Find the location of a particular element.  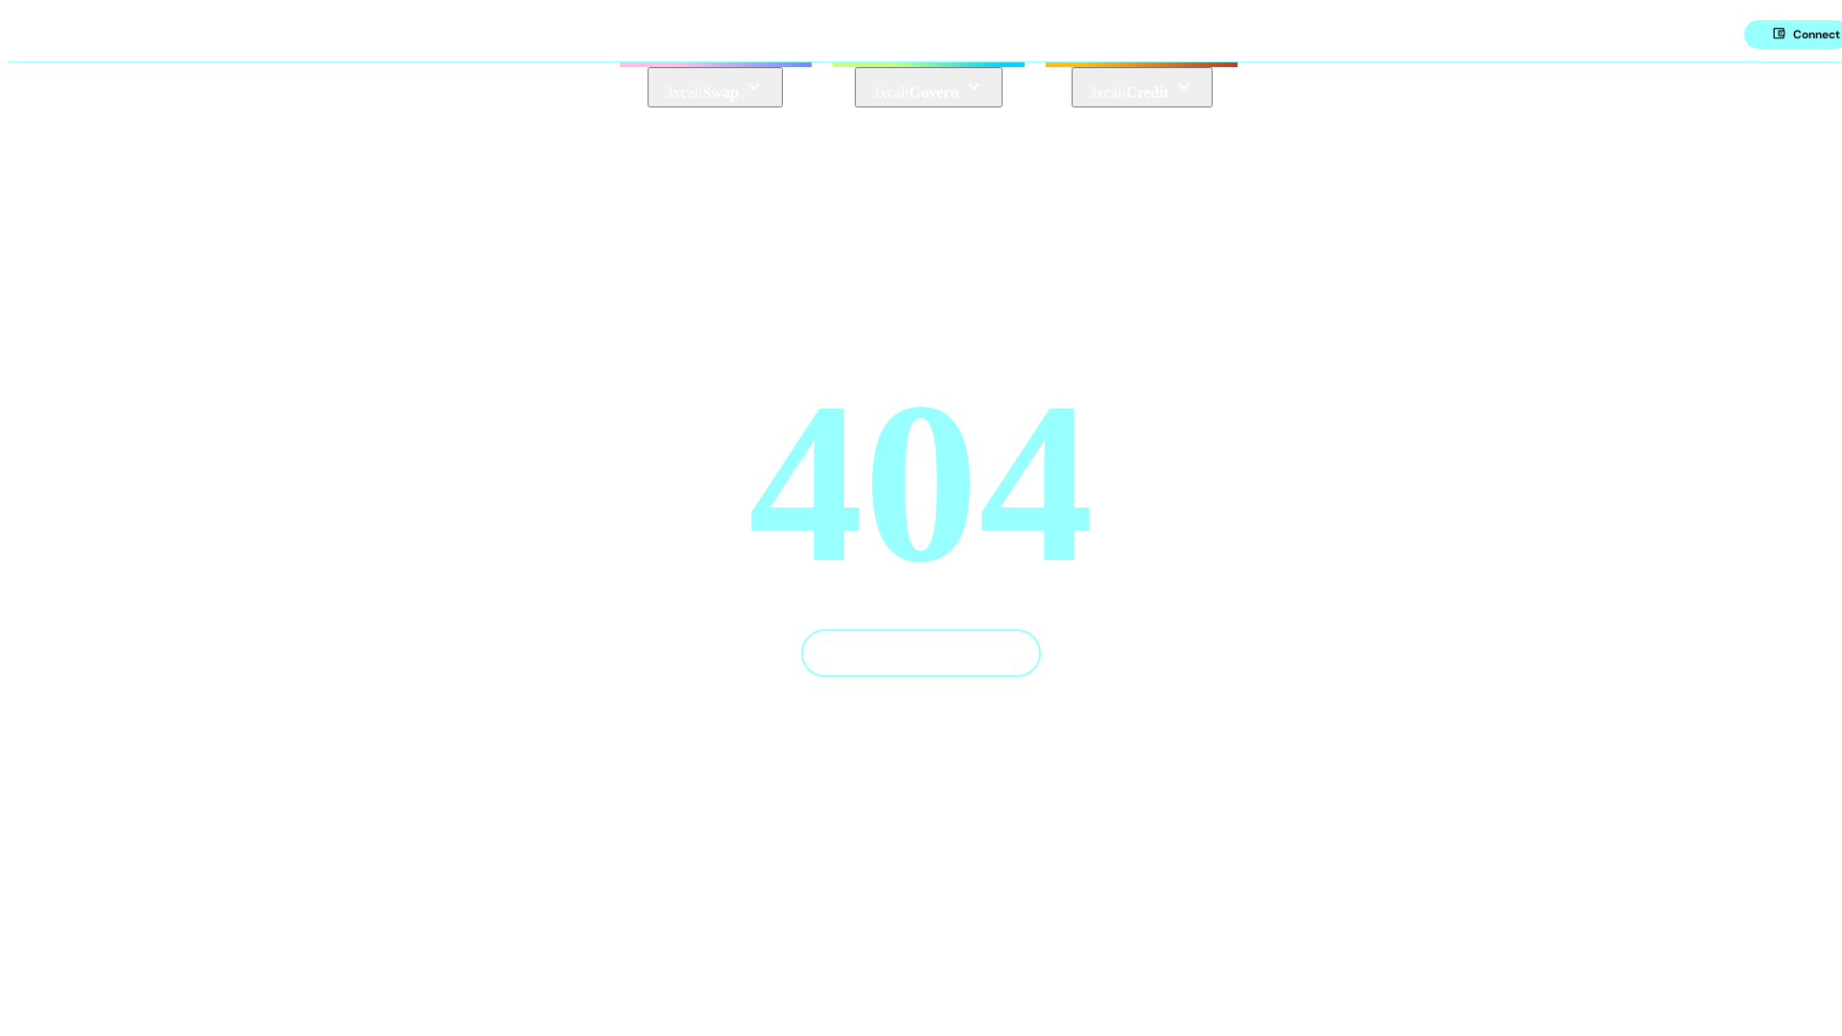

'3xcaliCredit' is located at coordinates (1142, 87).